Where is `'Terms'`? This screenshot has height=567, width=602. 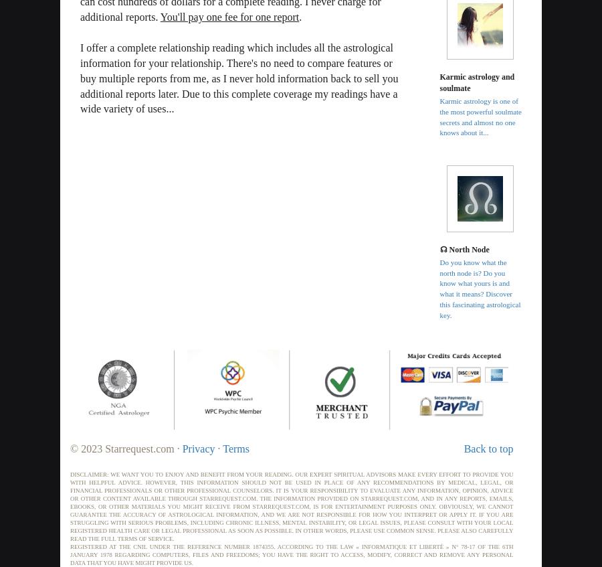 'Terms' is located at coordinates (235, 448).